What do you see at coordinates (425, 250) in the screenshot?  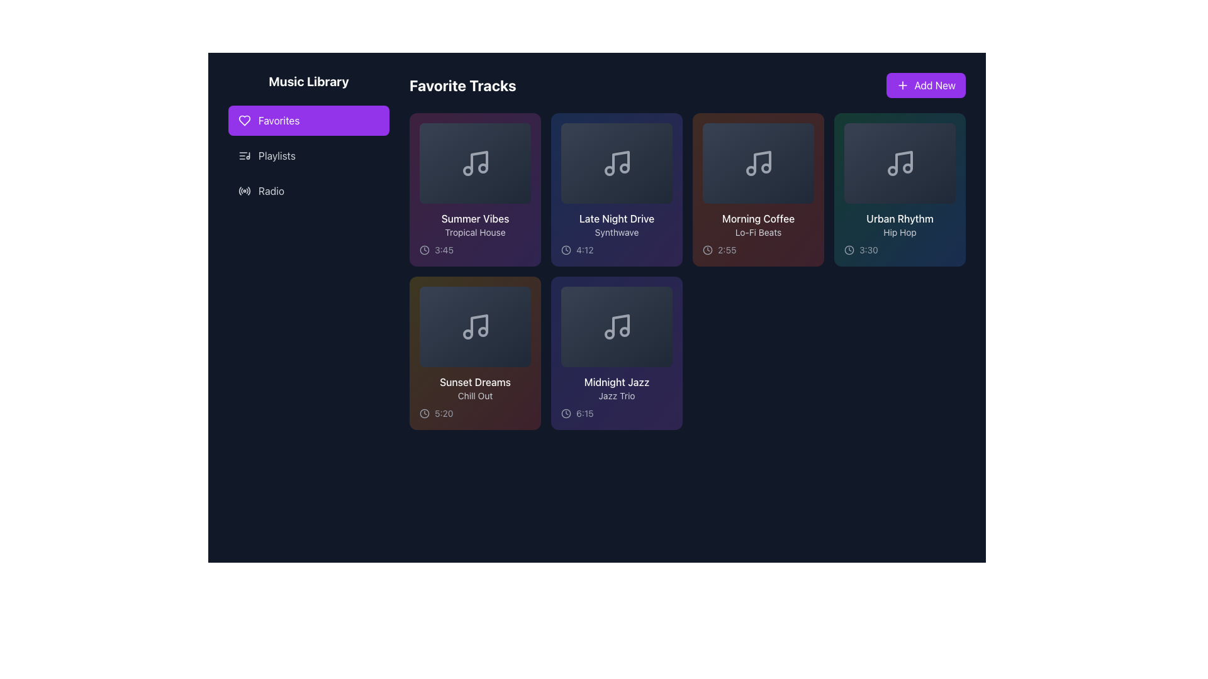 I see `the Time indicator icon located at the top-left corner of the first music track card in the 'Favorite Tracks' section, positioned directly above the text '3:45'` at bounding box center [425, 250].